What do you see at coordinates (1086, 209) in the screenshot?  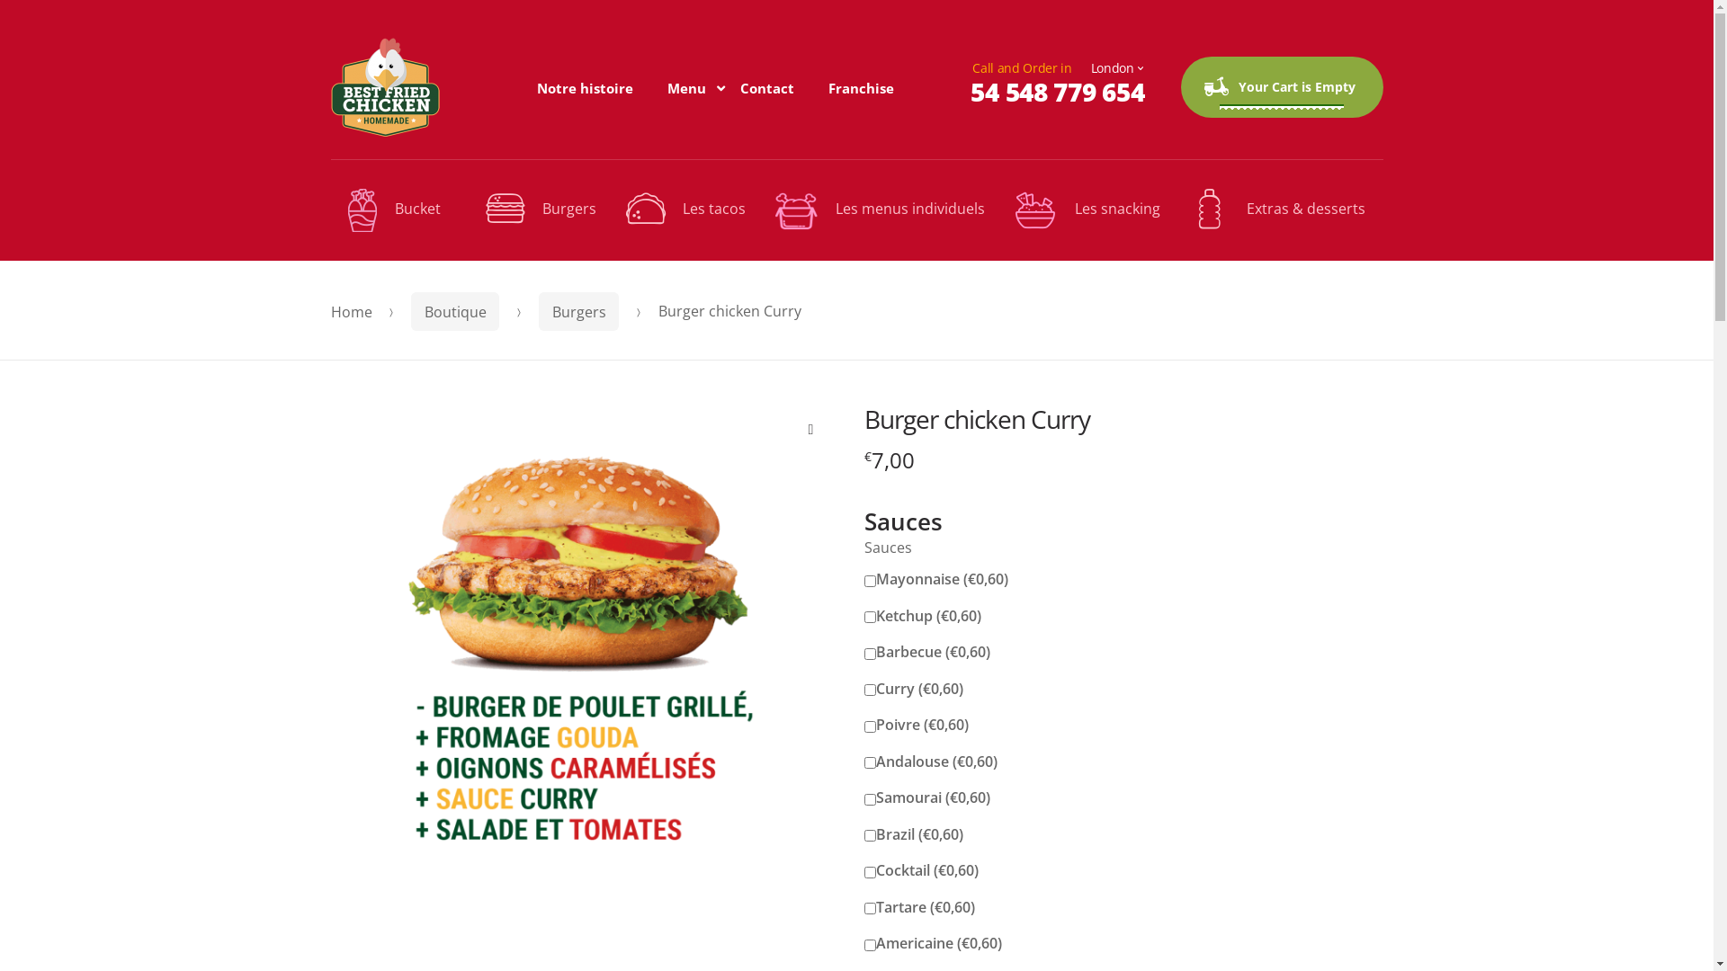 I see `'Les snacking'` at bounding box center [1086, 209].